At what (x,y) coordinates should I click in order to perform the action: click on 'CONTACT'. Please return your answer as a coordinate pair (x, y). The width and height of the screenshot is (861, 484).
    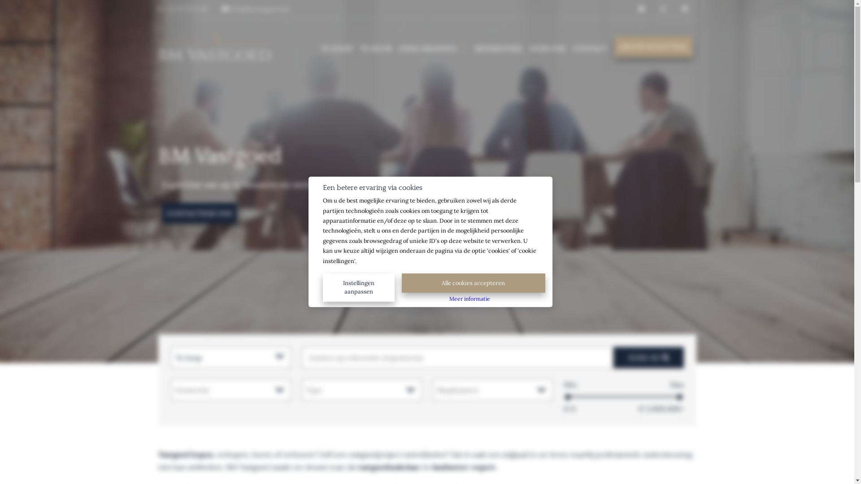
    Looking at the image, I should click on (590, 47).